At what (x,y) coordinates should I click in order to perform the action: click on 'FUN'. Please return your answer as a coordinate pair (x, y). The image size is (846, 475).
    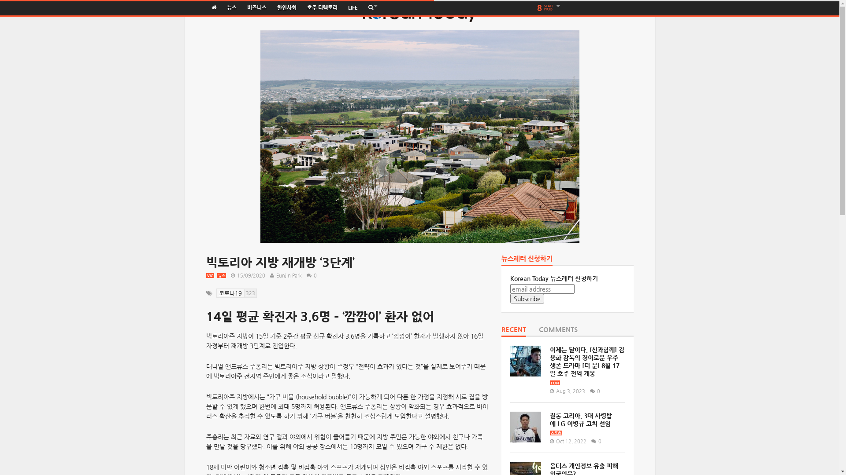
    Looking at the image, I should click on (554, 382).